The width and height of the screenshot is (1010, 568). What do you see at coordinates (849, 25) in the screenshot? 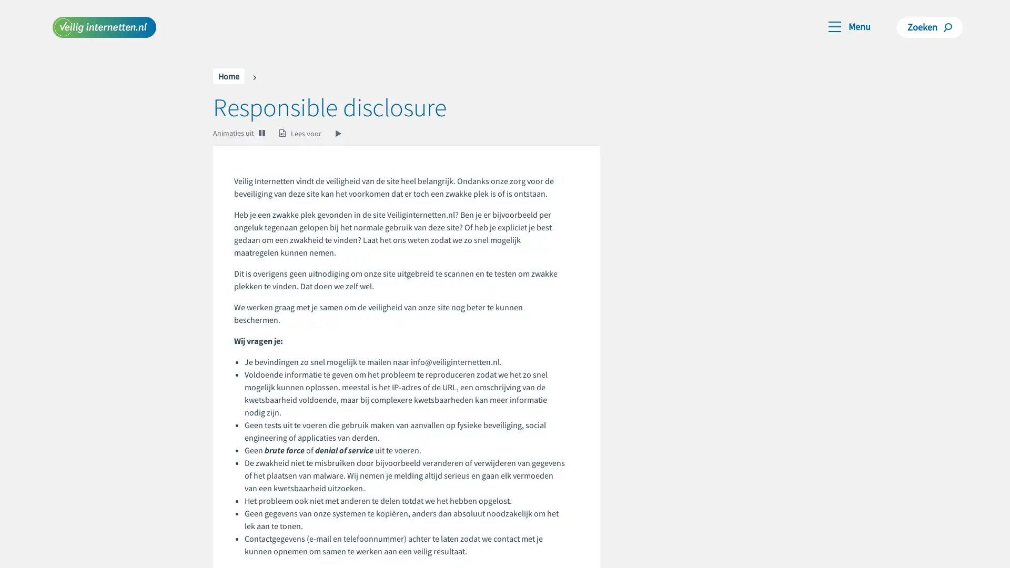
I see `Toggle navigation Menu` at bounding box center [849, 25].